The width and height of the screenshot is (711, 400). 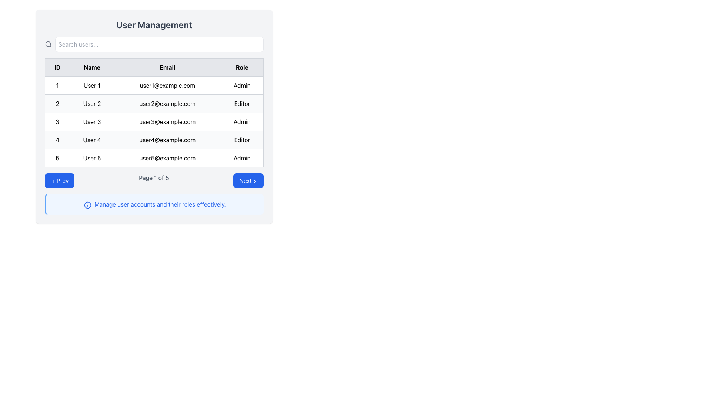 What do you see at coordinates (57, 121) in the screenshot?
I see `the Text Label element displaying '3' in the ID column of the third row within the User Management interface` at bounding box center [57, 121].